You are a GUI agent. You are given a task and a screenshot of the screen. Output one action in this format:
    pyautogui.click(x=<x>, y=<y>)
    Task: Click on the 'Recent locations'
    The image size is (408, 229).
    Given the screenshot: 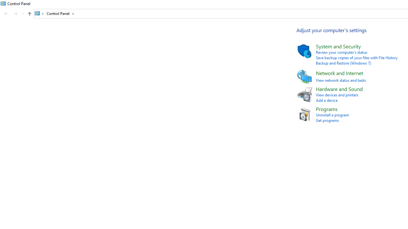 What is the action you would take?
    pyautogui.click(x=23, y=14)
    